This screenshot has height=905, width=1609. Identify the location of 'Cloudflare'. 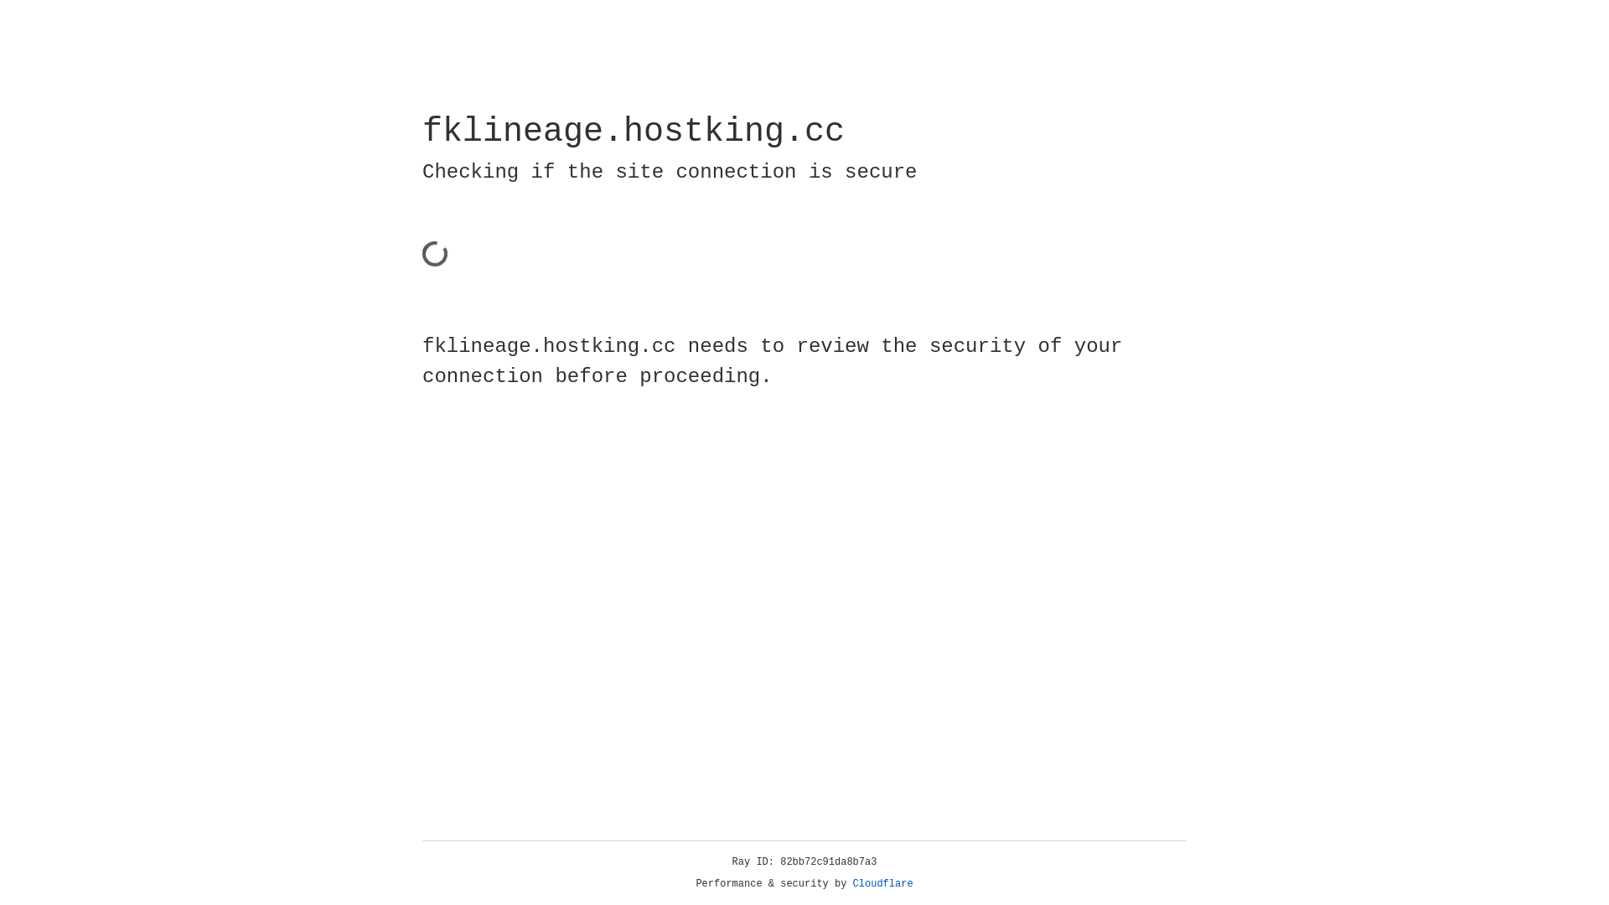
(882, 883).